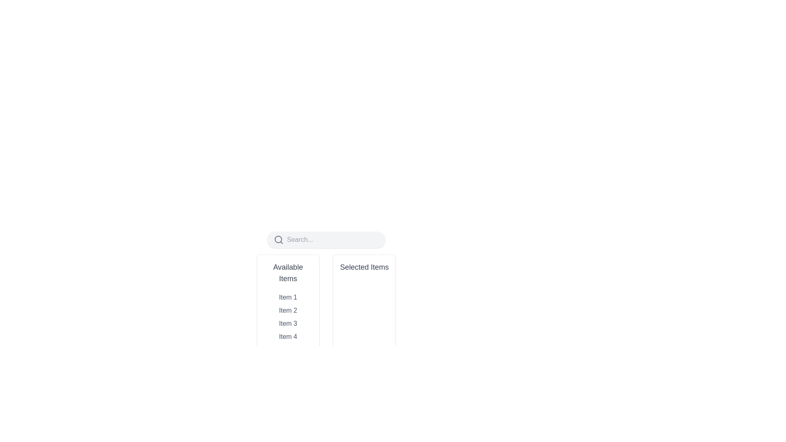 The height and width of the screenshot is (442, 786). Describe the element at coordinates (288, 336) in the screenshot. I see `the 'Item 4' text element in the 'Available Items' section of the vertical list` at that location.